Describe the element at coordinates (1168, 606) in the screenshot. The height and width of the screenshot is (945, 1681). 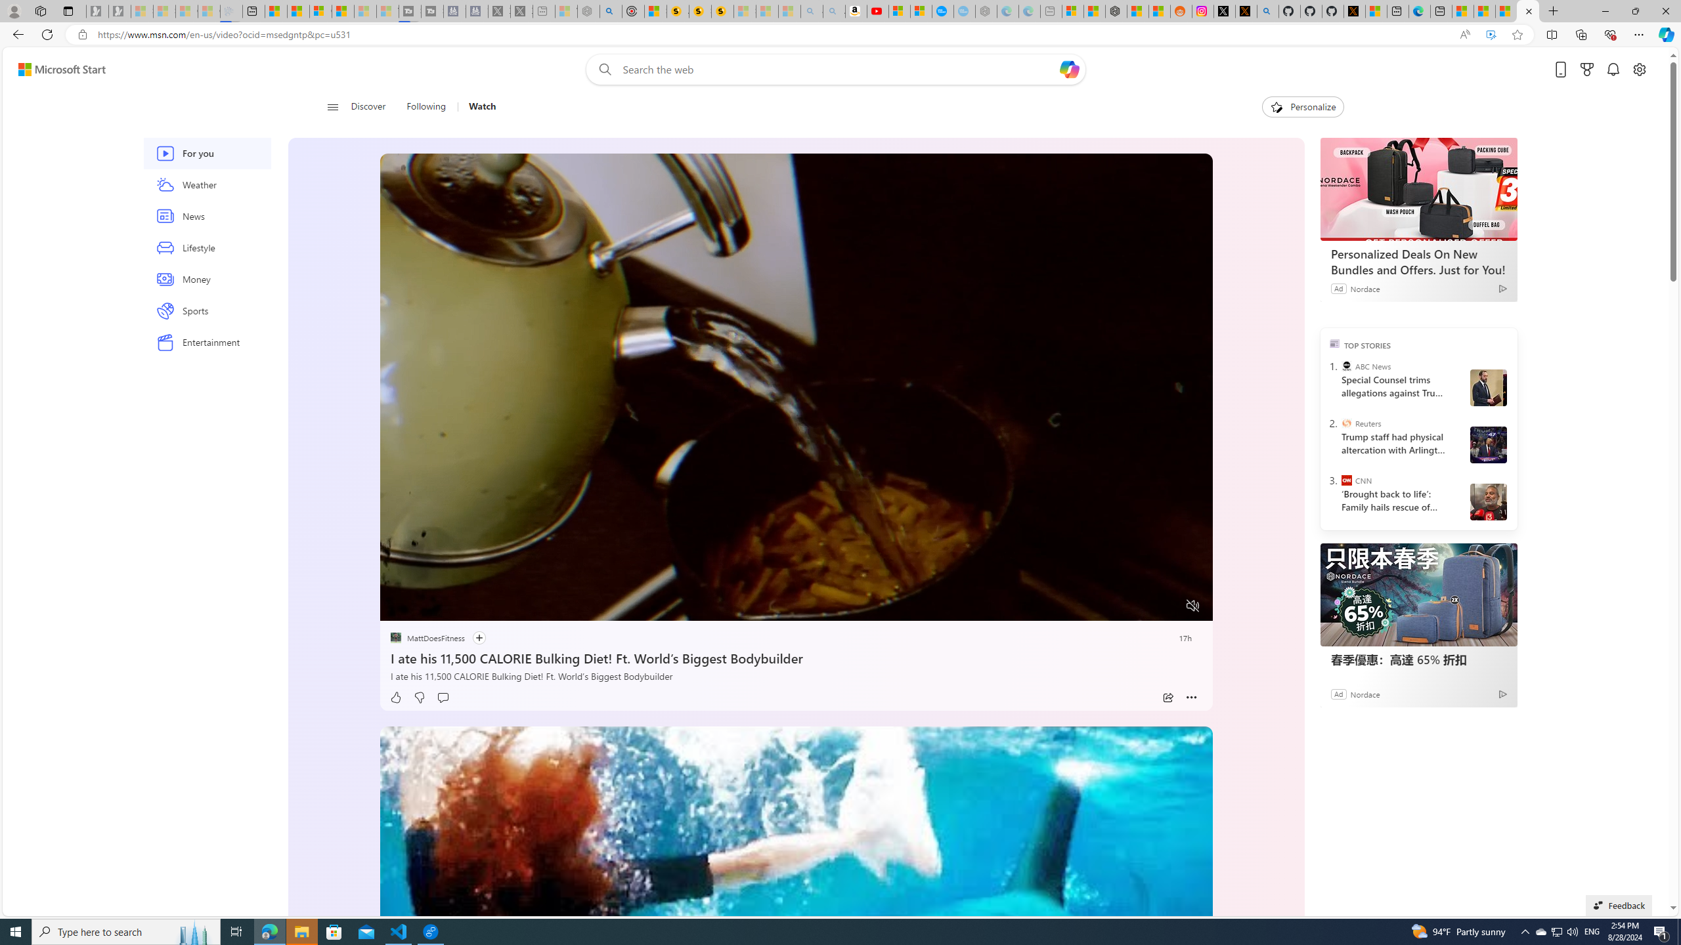
I see `'Fullscreen'` at that location.